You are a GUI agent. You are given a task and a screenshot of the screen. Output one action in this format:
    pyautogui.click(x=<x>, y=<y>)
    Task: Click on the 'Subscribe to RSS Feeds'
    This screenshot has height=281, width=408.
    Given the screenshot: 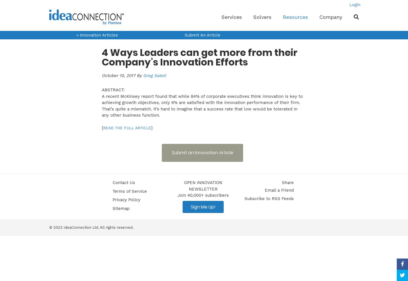 What is the action you would take?
    pyautogui.click(x=268, y=198)
    